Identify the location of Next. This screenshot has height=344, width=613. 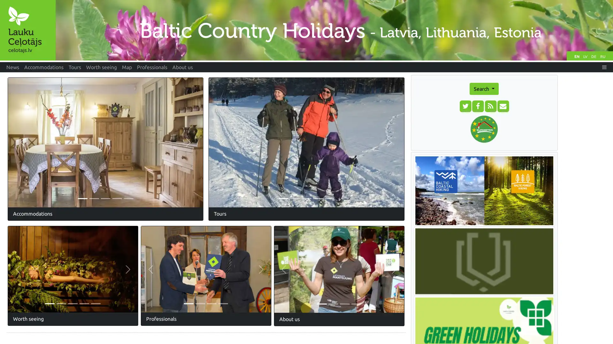
(261, 269).